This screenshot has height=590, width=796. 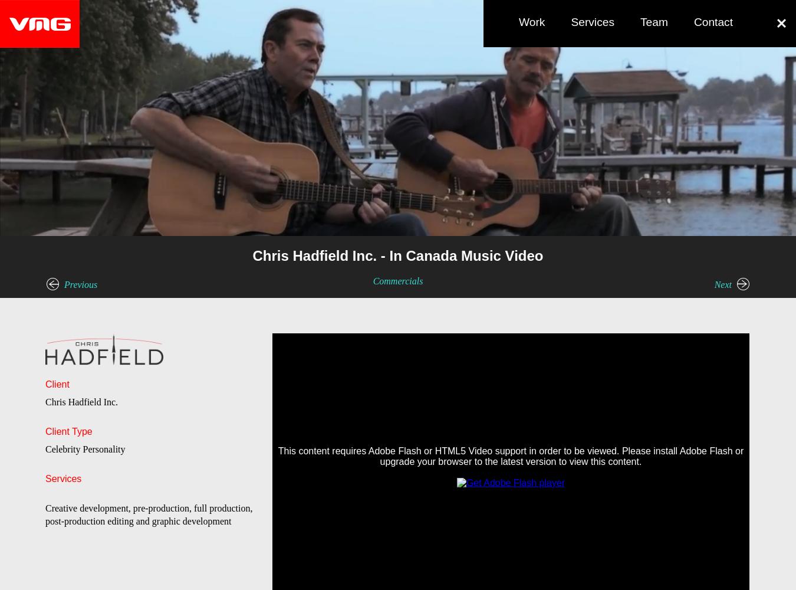 I want to click on 'Creative development, pre-production, full production, post-production editing and graphic development', so click(x=148, y=513).